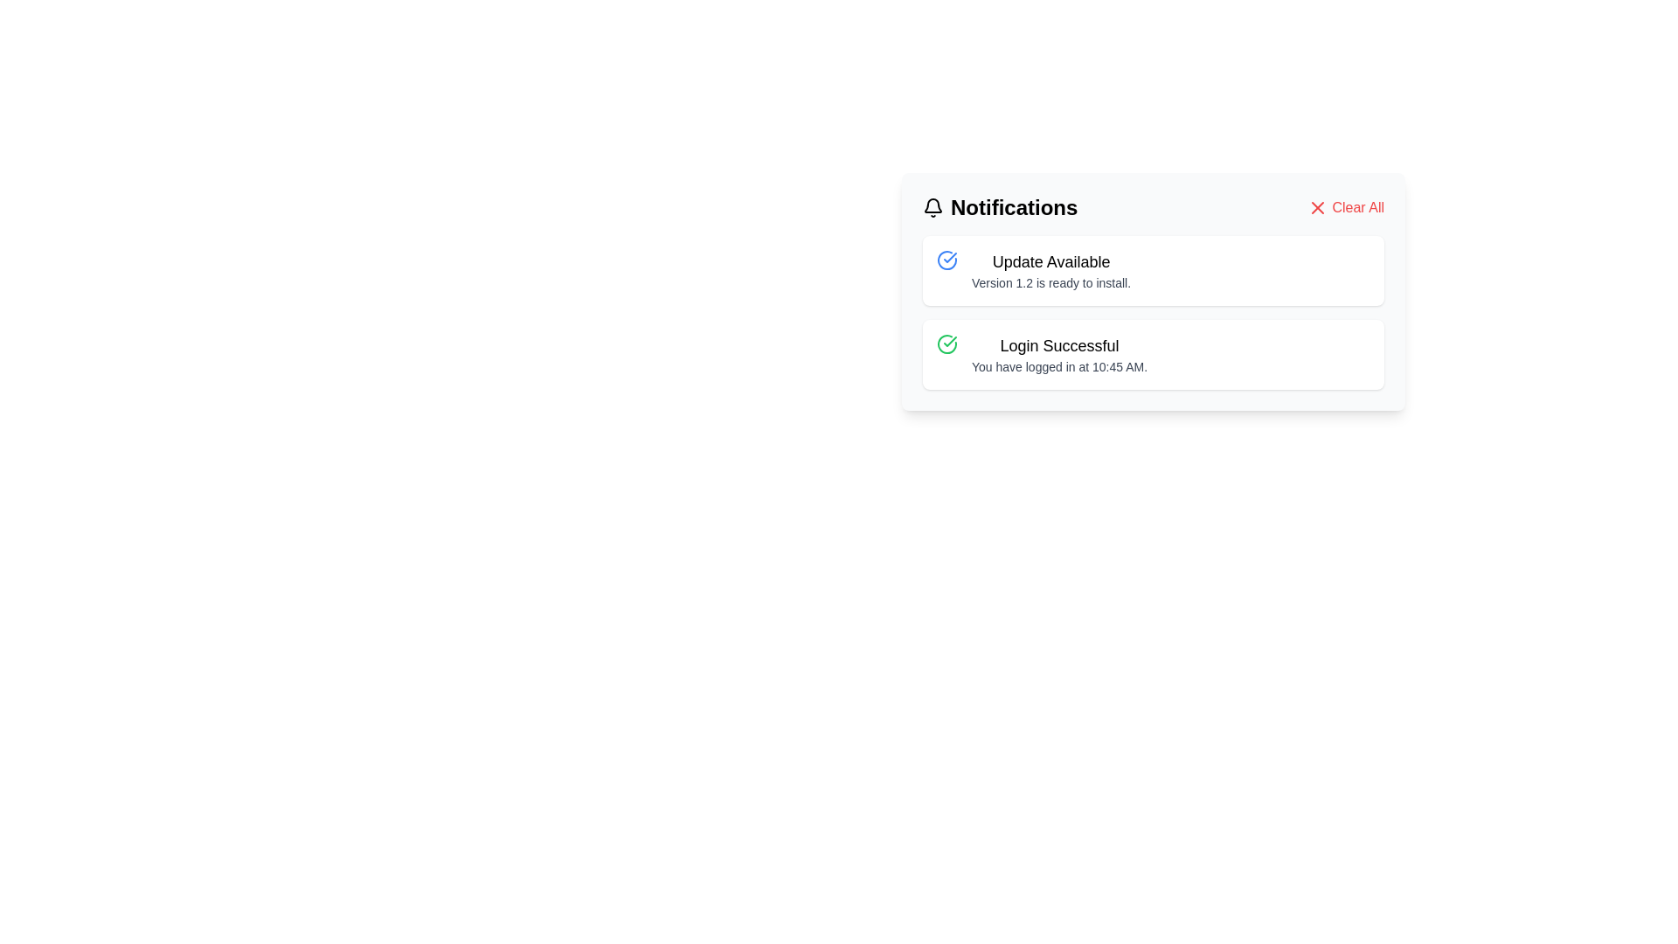 Image resolution: width=1678 pixels, height=944 pixels. Describe the element at coordinates (1050, 282) in the screenshot. I see `the static text indicating the availability of a new version (1.2) of the software, which is located beneath the 'Update Available' text in the notification bubble` at that location.